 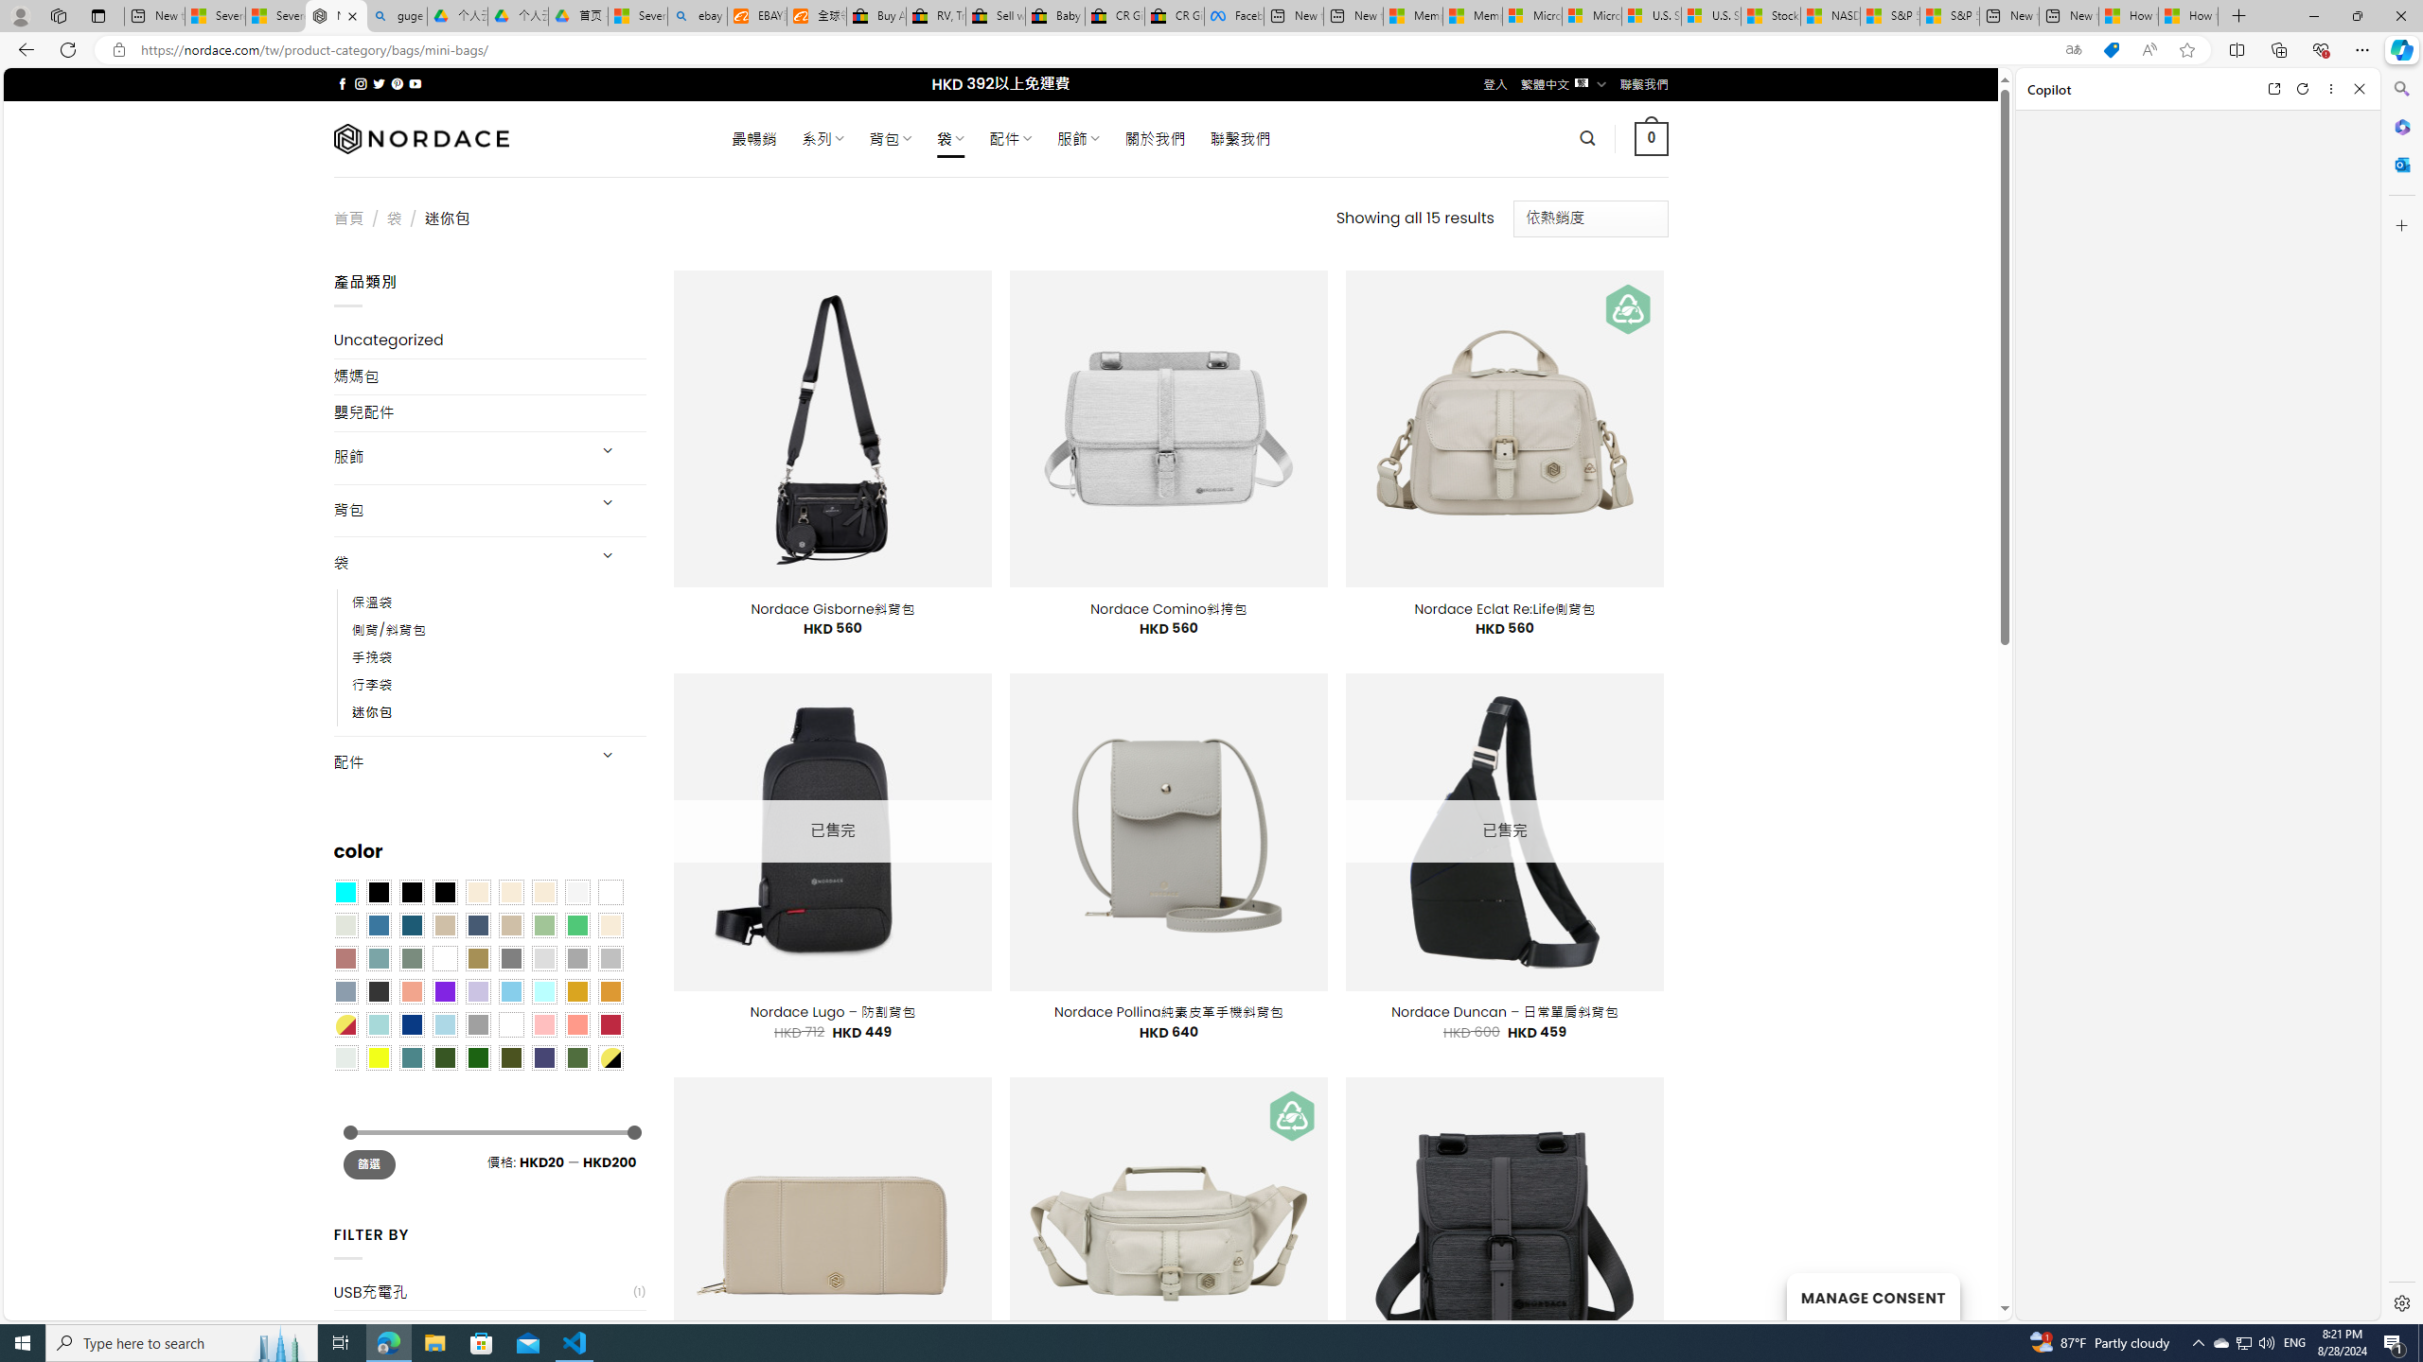 What do you see at coordinates (544, 891) in the screenshot?
I see `'Cream'` at bounding box center [544, 891].